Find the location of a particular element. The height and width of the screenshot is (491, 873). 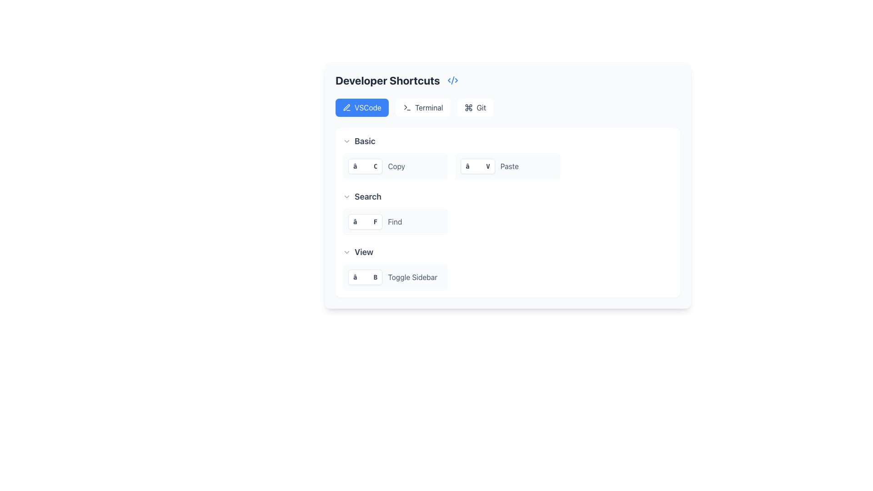

the pen-shaped vector graphic icon located within the 'VSCode' button, which has a blue background and white text, for context-specific actions is located at coordinates (346, 107).